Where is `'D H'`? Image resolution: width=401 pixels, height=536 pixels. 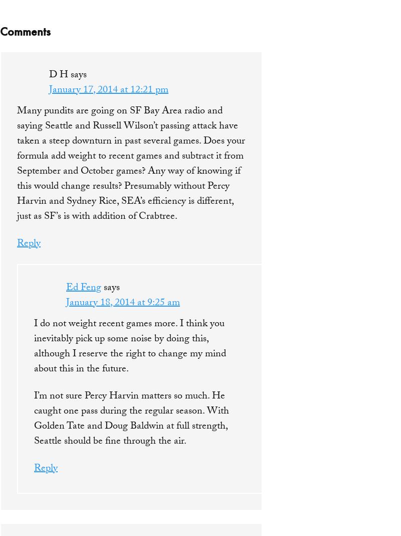
'D H' is located at coordinates (58, 75).